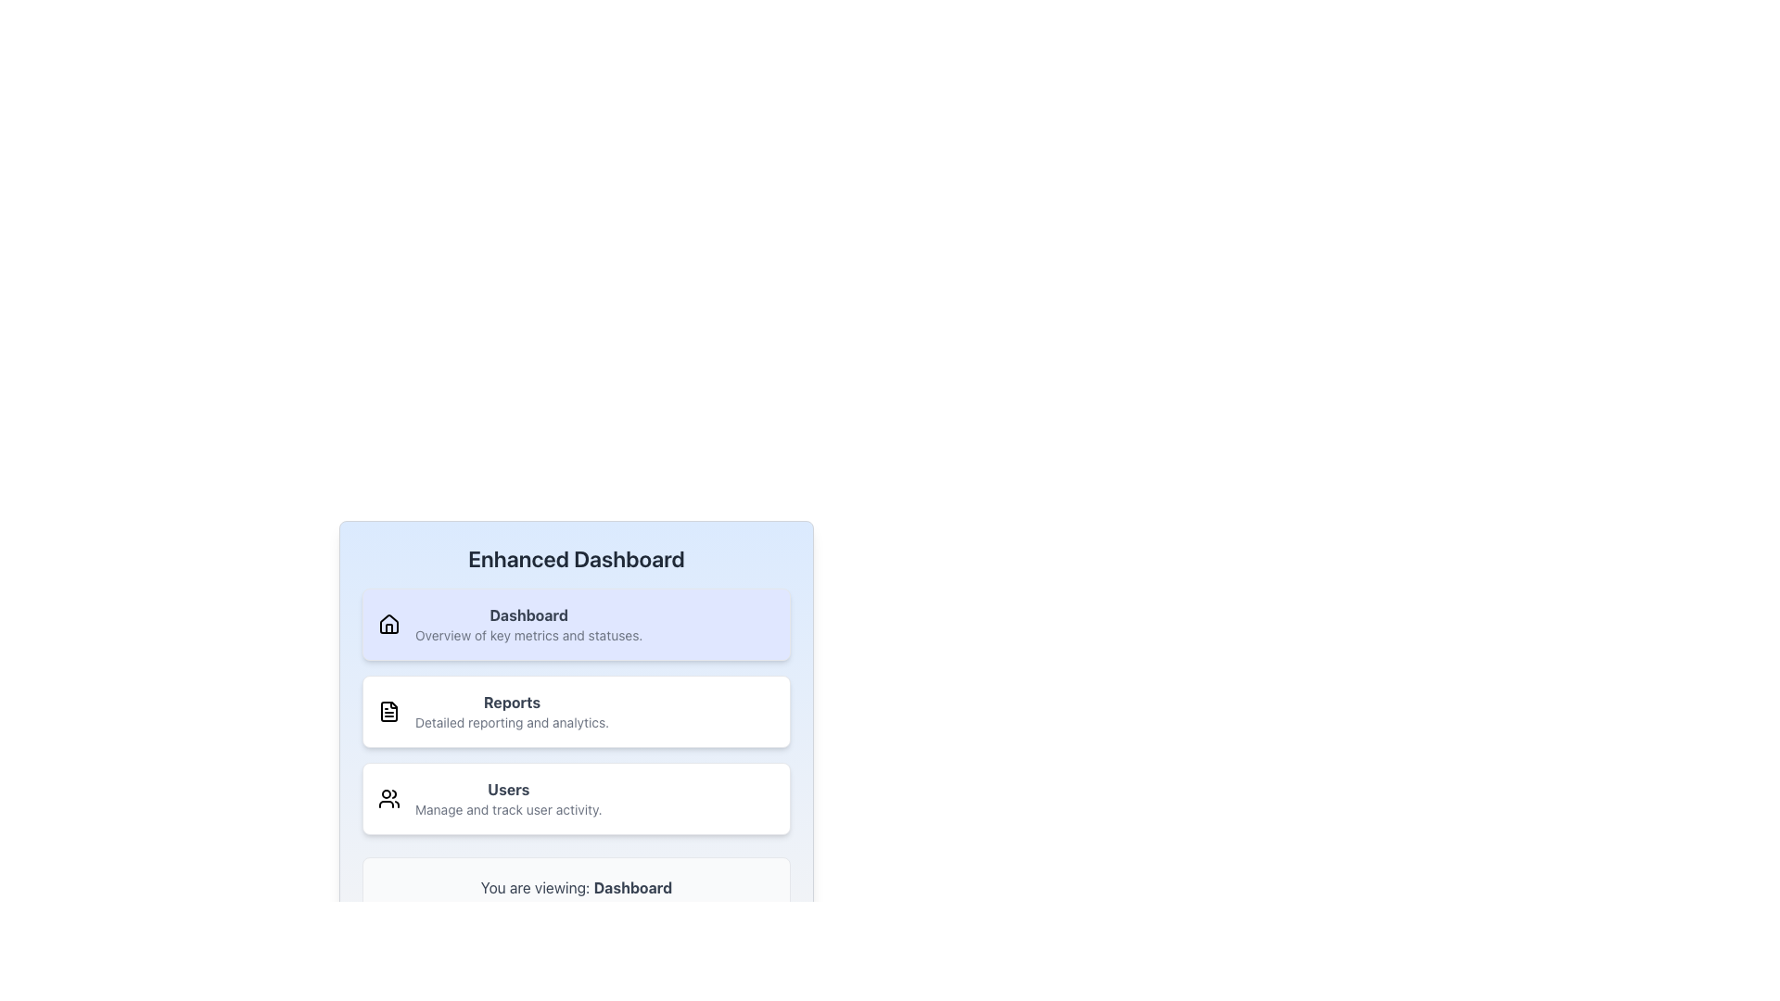  What do you see at coordinates (632, 886) in the screenshot?
I see `text of the 'Dashboard' label, which is bold and part of the phrase 'You are viewing: Dashboard', located near the bottom right of the interface` at bounding box center [632, 886].